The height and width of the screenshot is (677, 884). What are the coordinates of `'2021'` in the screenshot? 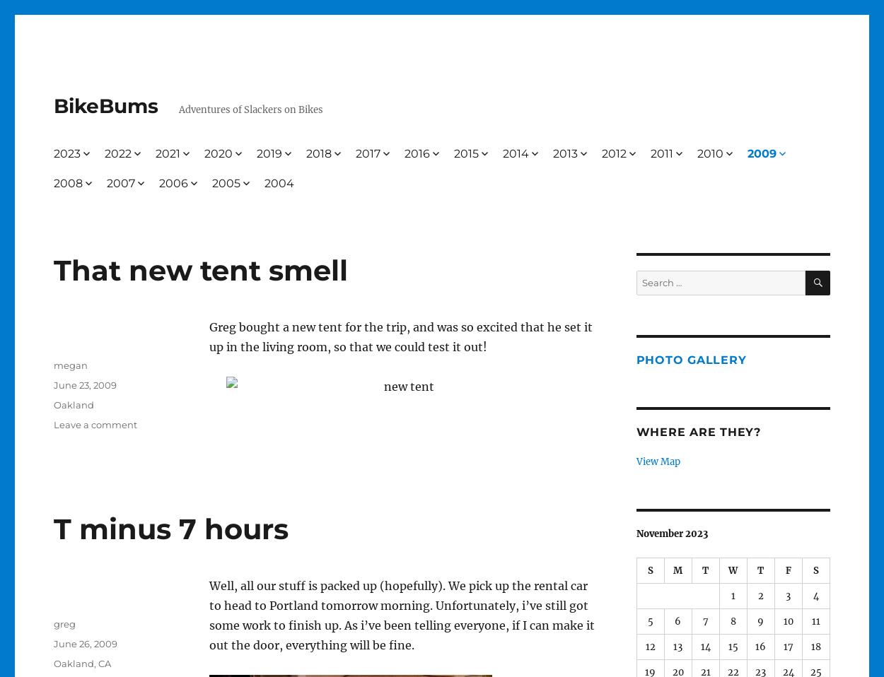 It's located at (166, 152).